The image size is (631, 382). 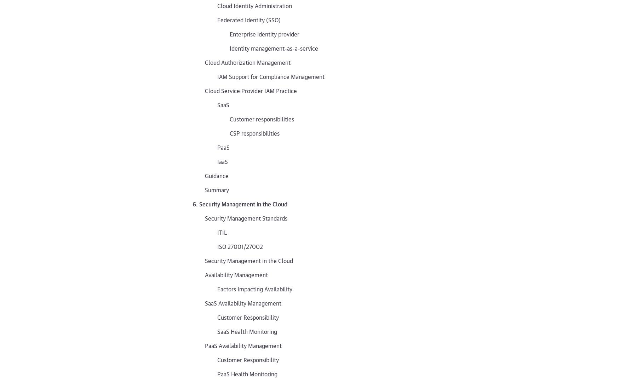 I want to click on 'ISO 27001/27002', so click(x=240, y=246).